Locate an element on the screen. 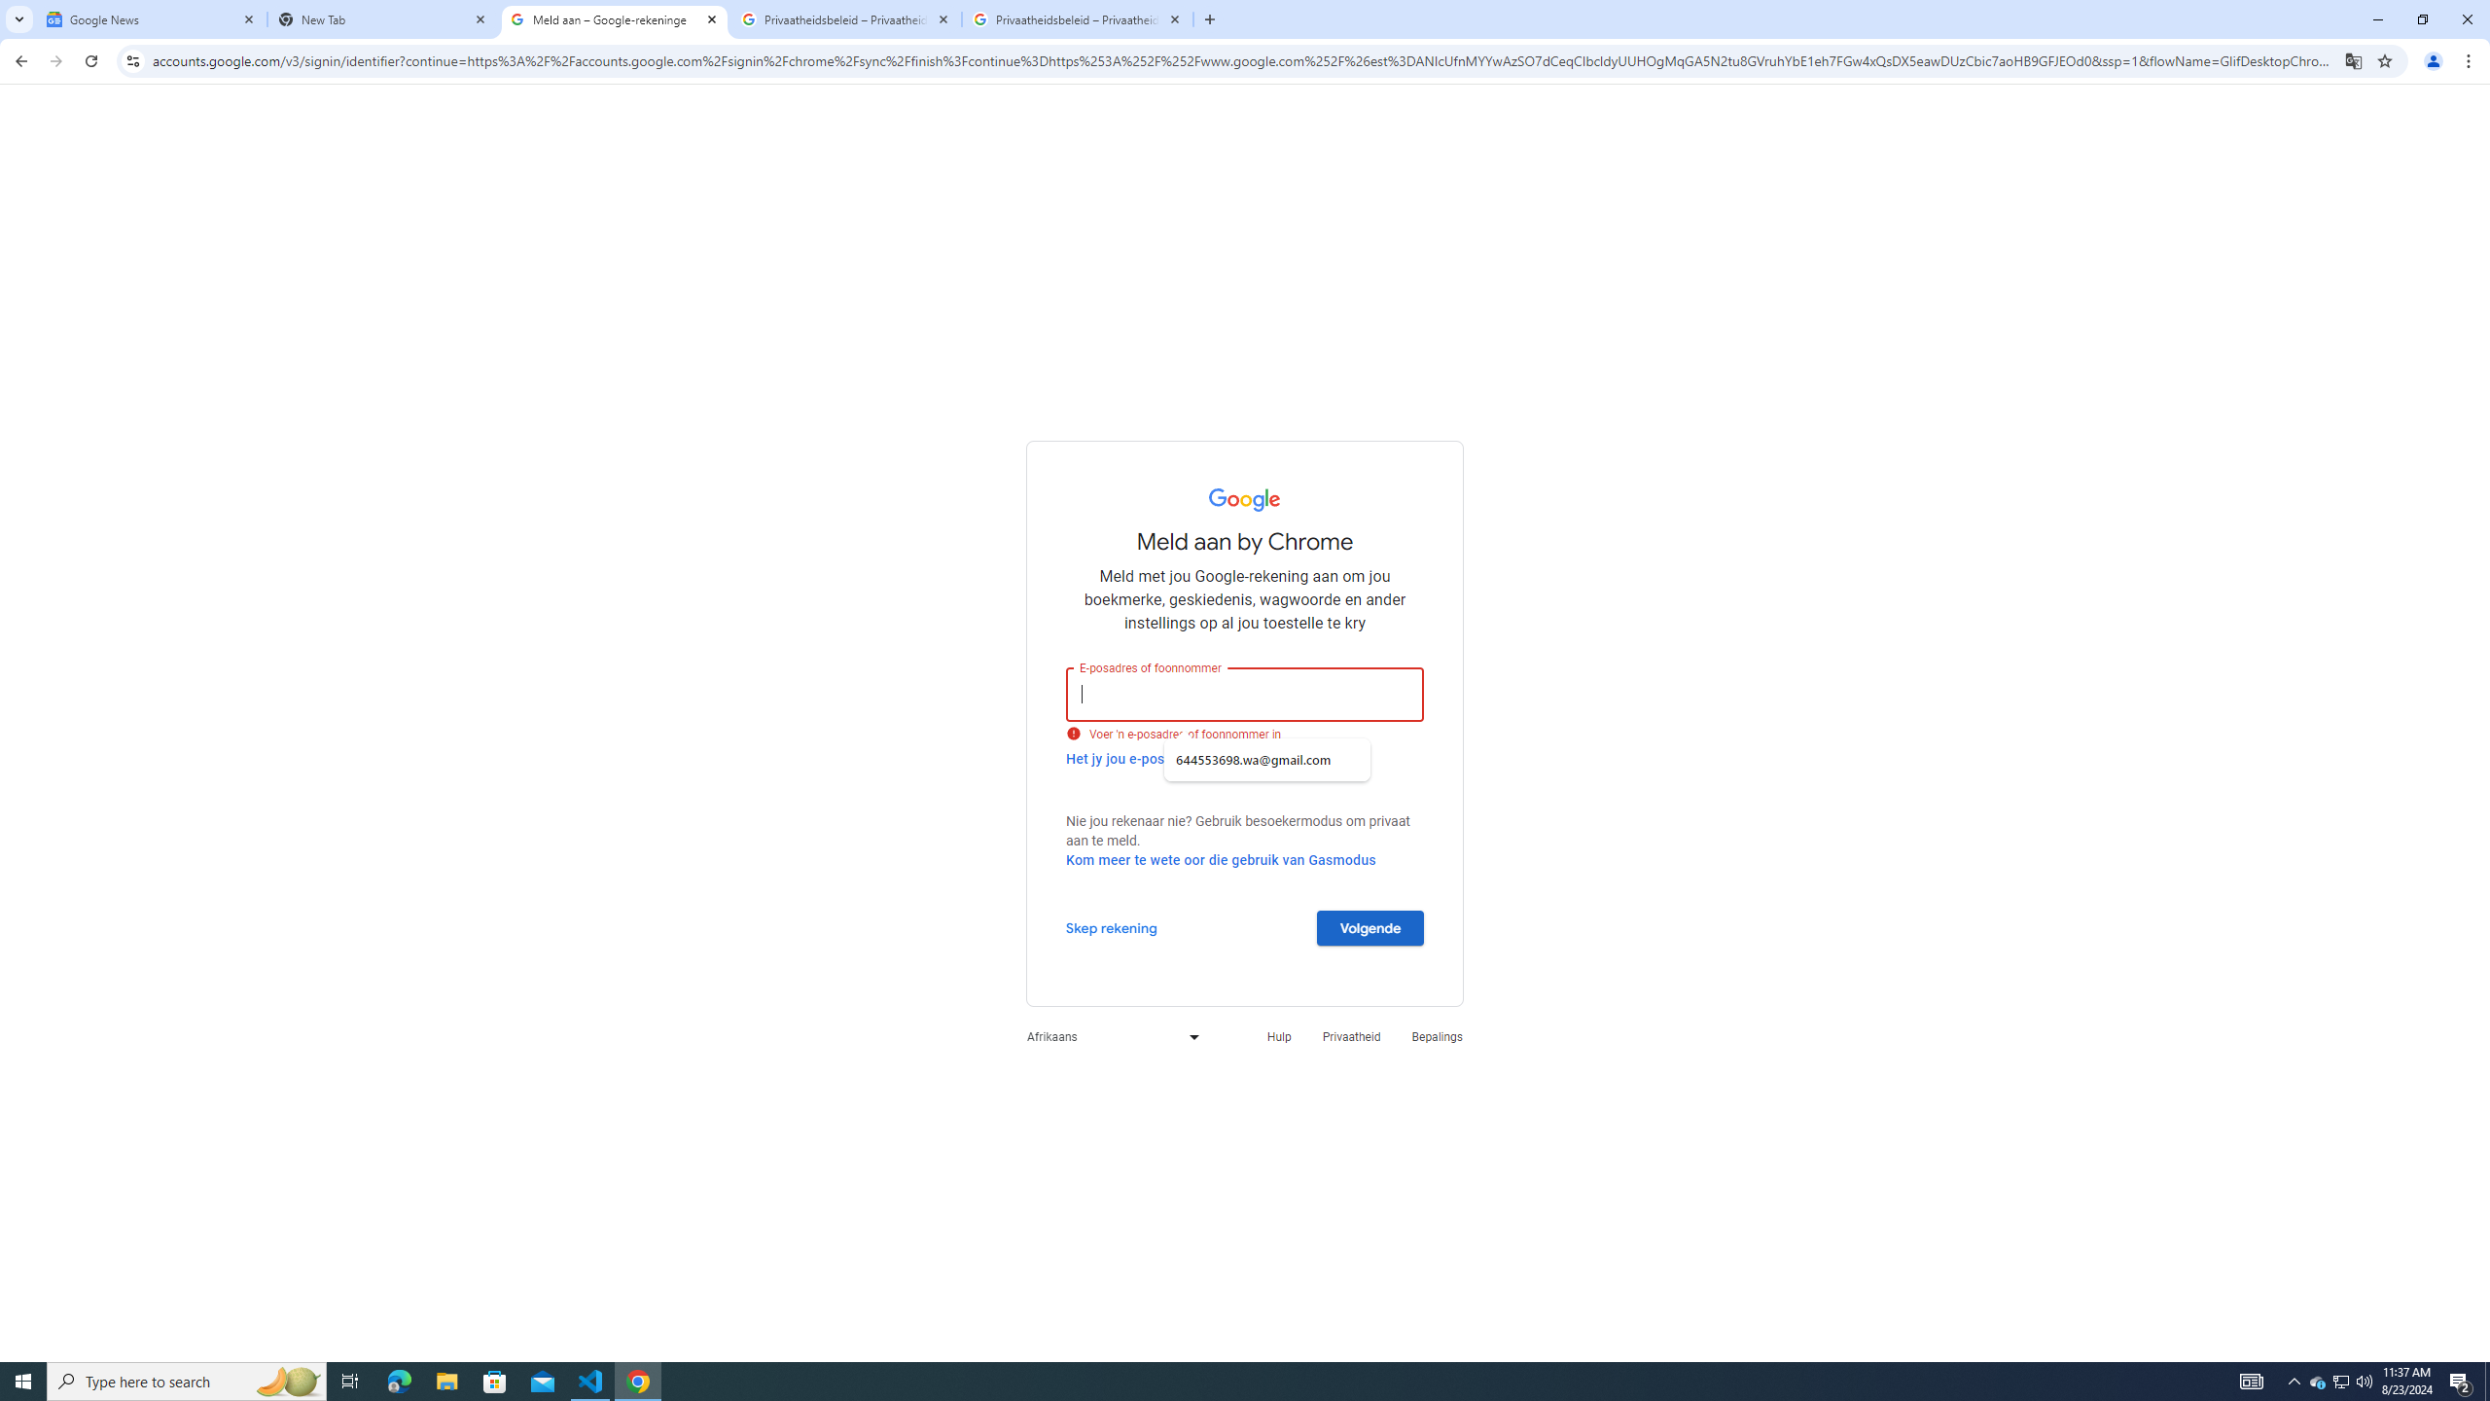 This screenshot has height=1401, width=2490. 'Skep rekening' is located at coordinates (1111, 927).